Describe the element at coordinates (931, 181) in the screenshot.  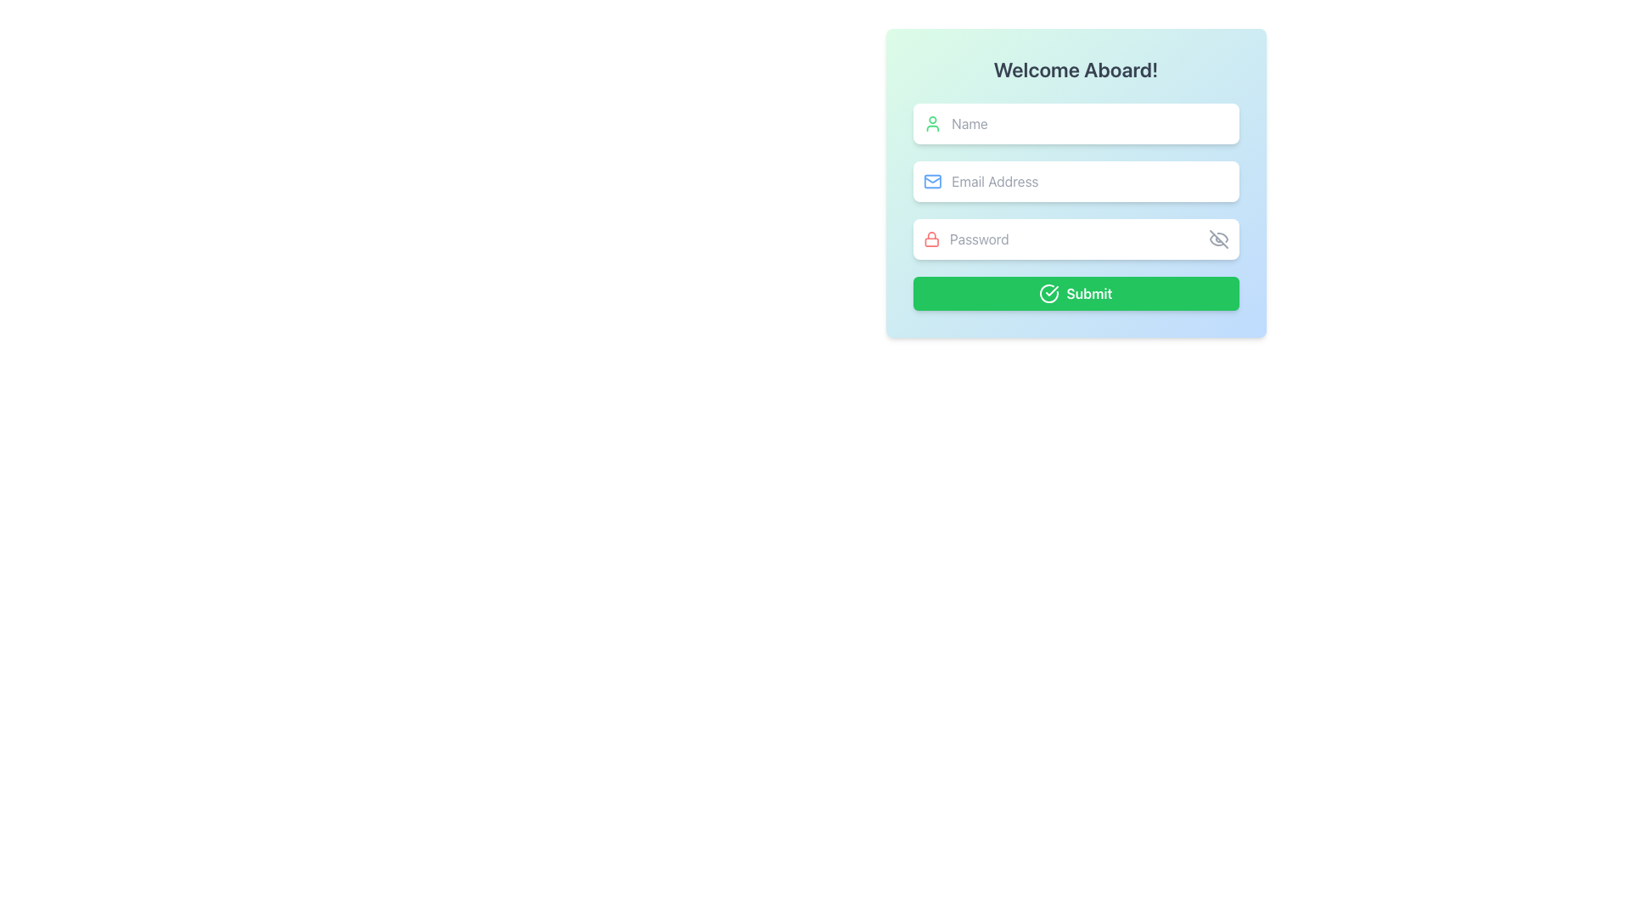
I see `the ornamental icon that signifies the purpose of the email address input field, located near the left portion of the 'Email Address' input field` at that location.